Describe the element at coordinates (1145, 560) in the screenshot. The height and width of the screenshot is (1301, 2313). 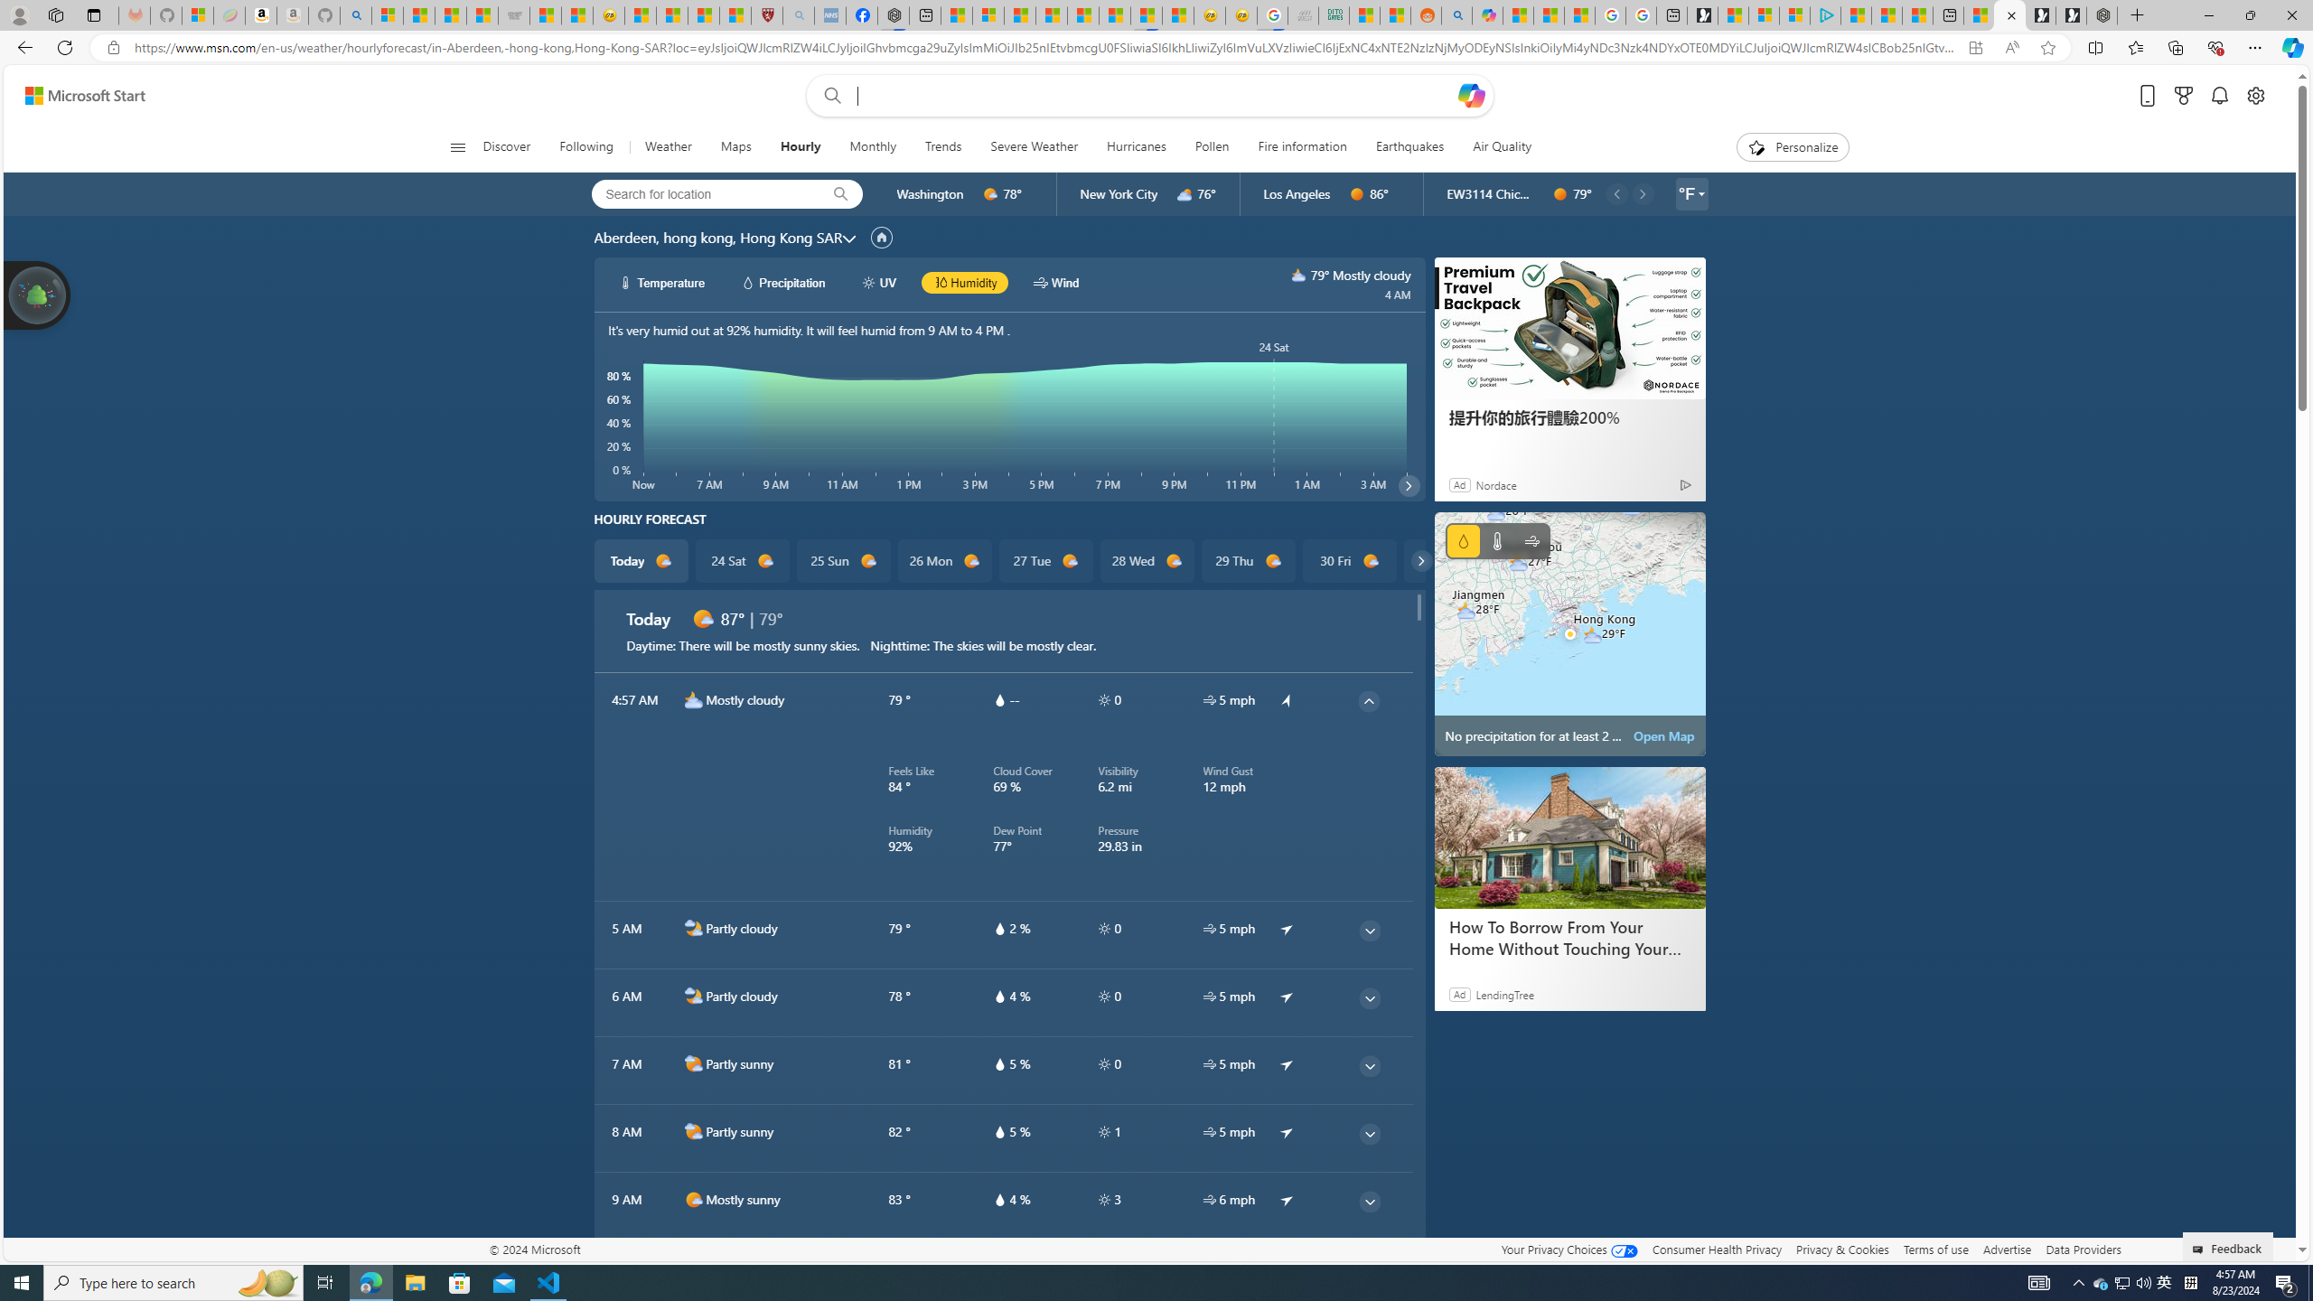
I see `'28 Wed d1000'` at that location.